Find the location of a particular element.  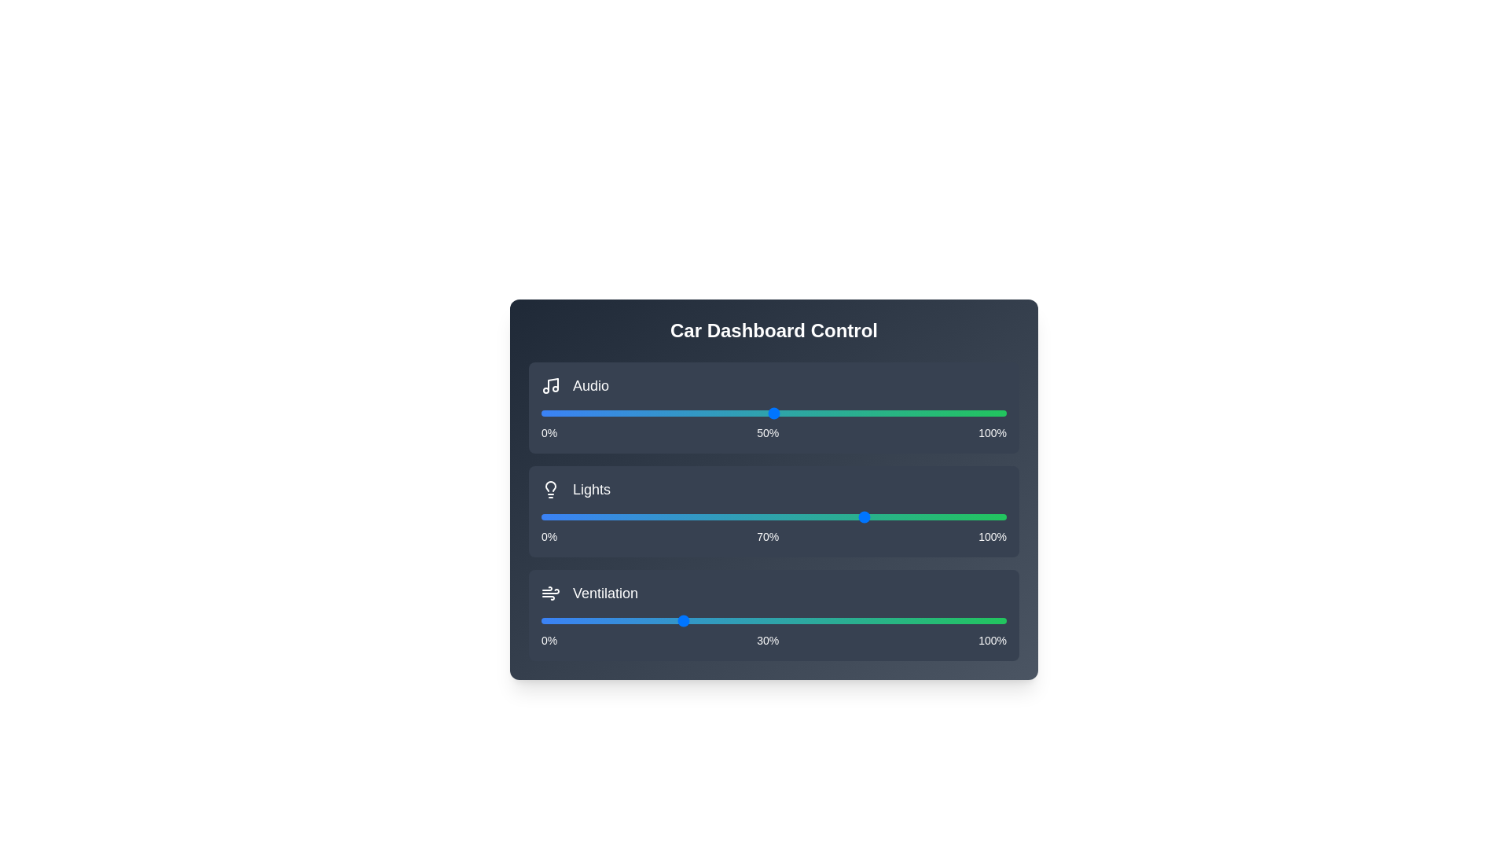

the audio slider to set the volume to 14% is located at coordinates (605, 412).